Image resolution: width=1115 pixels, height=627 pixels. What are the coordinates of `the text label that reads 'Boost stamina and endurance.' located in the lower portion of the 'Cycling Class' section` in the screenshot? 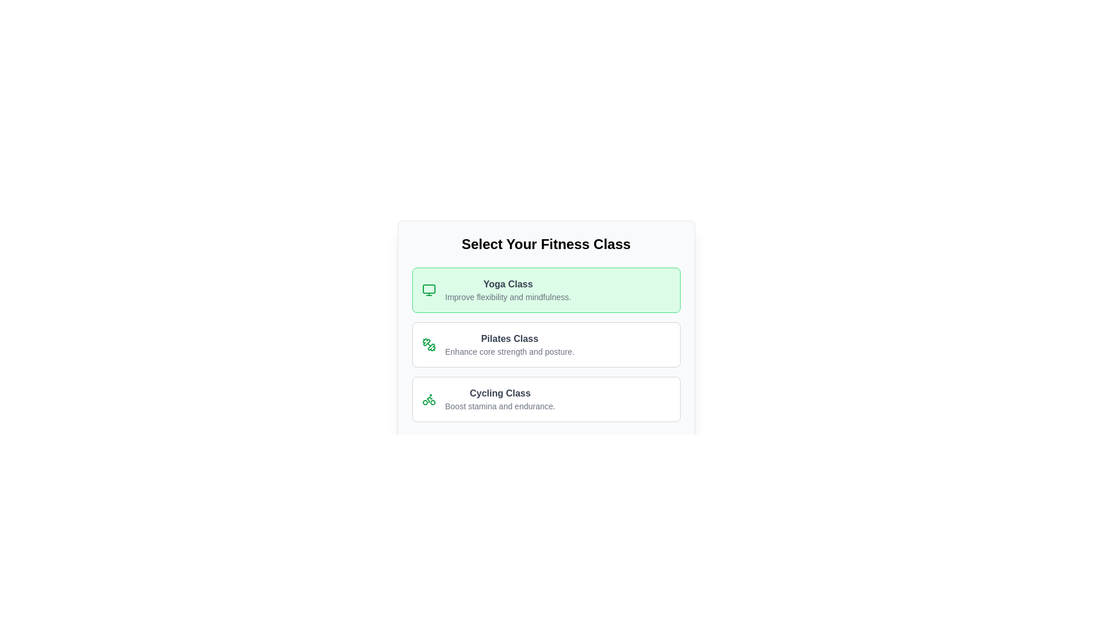 It's located at (500, 405).